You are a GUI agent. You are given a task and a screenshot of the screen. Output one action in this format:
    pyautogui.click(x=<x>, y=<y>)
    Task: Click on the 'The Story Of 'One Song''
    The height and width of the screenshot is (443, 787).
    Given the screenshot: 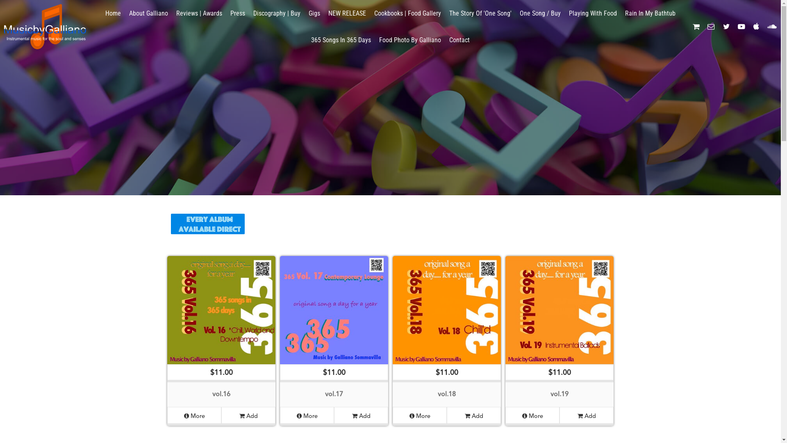 What is the action you would take?
    pyautogui.click(x=480, y=13)
    